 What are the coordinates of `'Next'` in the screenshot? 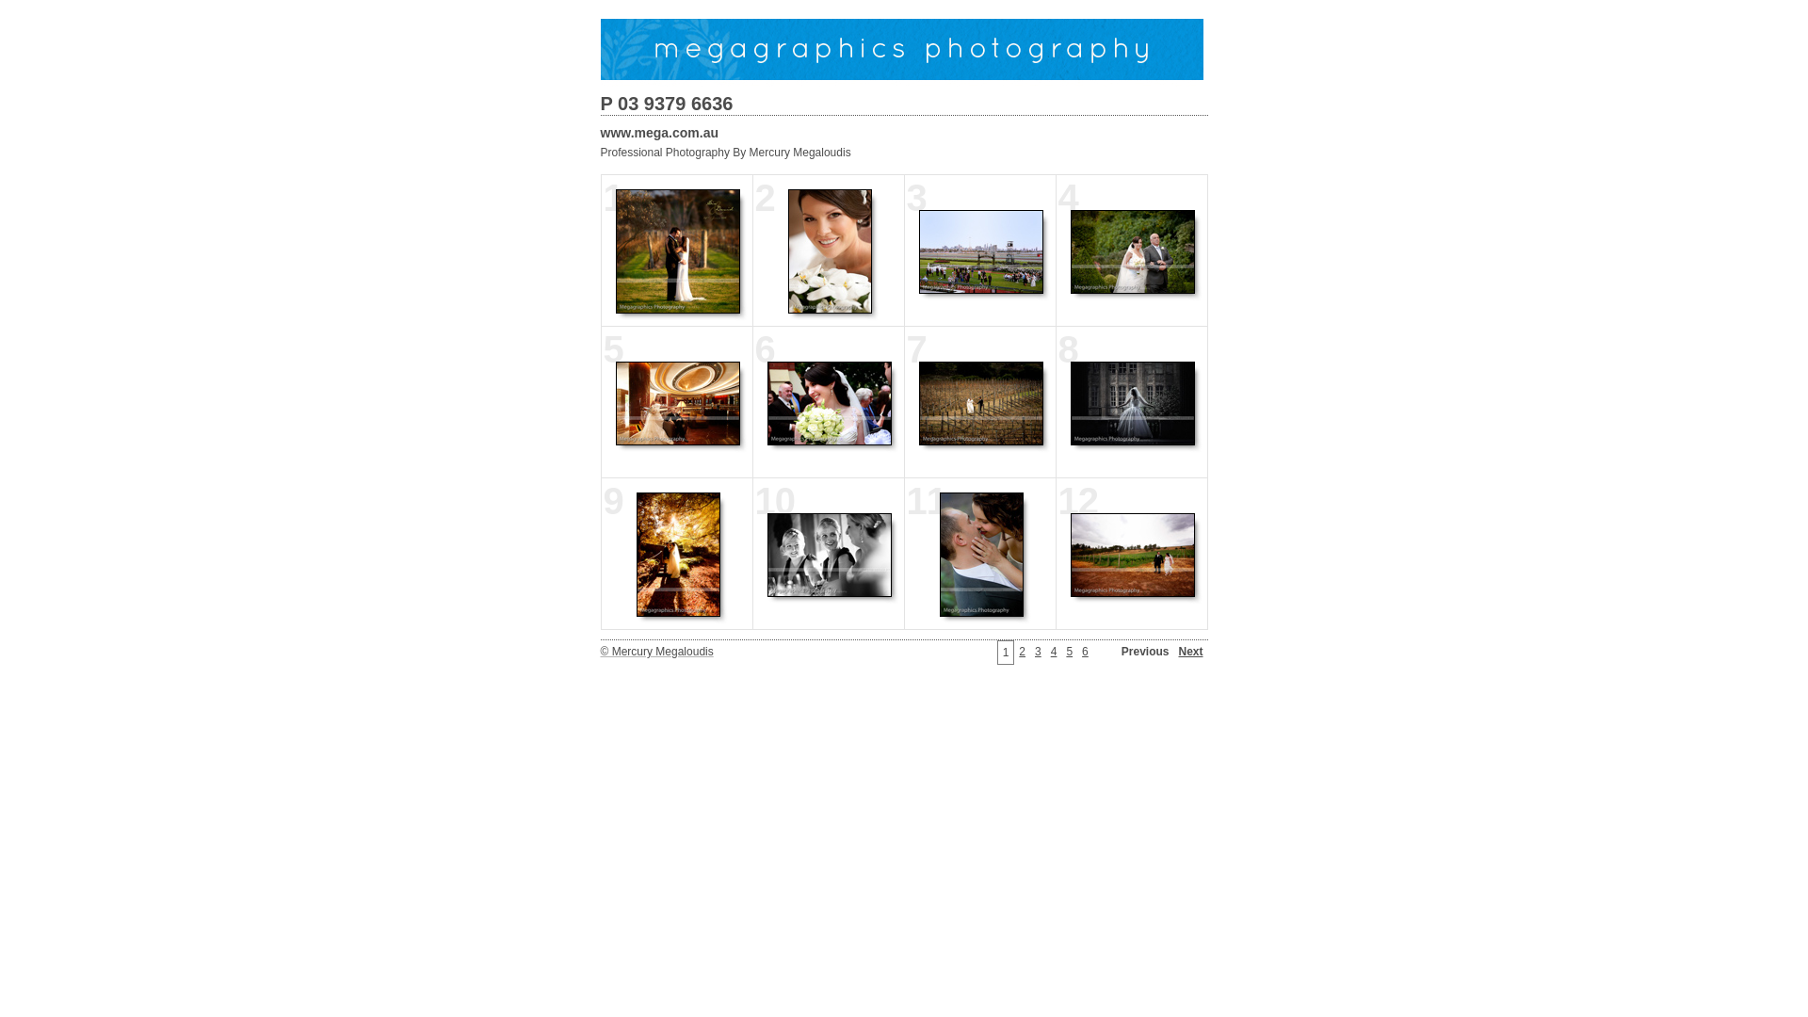 It's located at (1188, 650).